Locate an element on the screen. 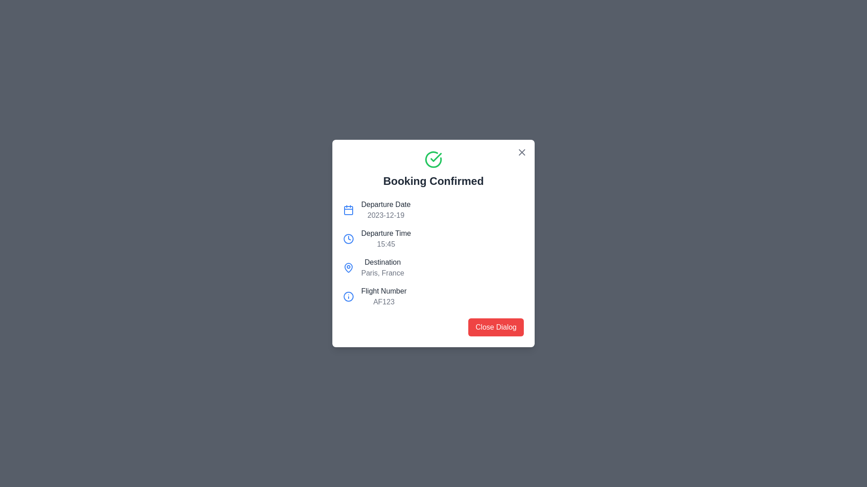 The width and height of the screenshot is (867, 487). the 'Flight Number' text label, which is styled in a medium weight sans-serif font and is positioned above the flight number detail 'AF123' in a centered modal dialog is located at coordinates (384, 291).